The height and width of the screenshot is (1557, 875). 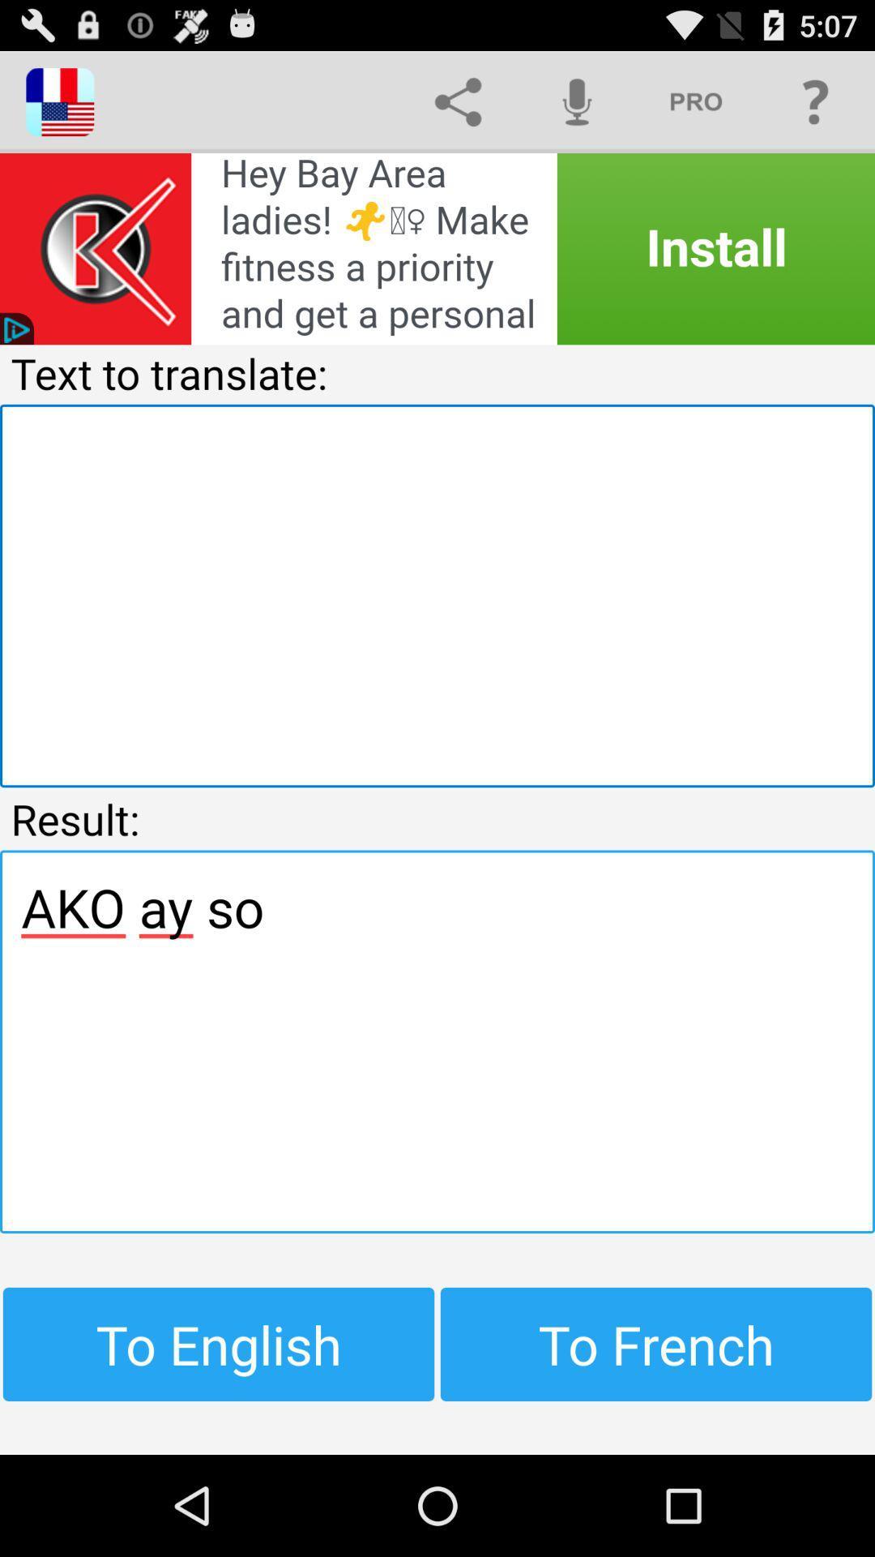 I want to click on app below the result: app, so click(x=437, y=1041).